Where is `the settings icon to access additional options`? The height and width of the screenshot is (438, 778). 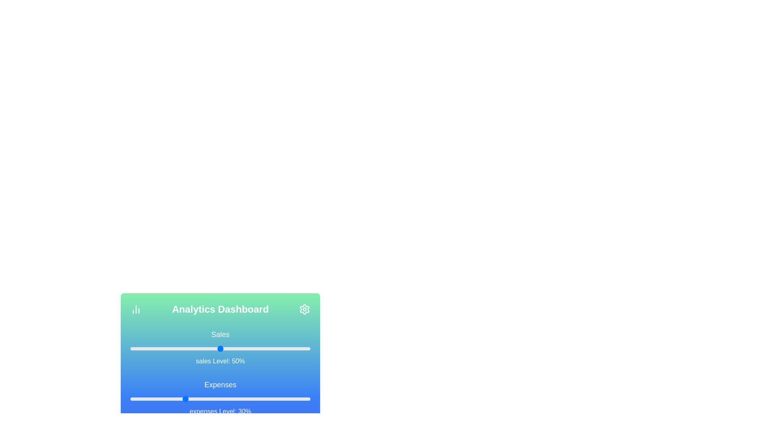 the settings icon to access additional options is located at coordinates (304, 309).